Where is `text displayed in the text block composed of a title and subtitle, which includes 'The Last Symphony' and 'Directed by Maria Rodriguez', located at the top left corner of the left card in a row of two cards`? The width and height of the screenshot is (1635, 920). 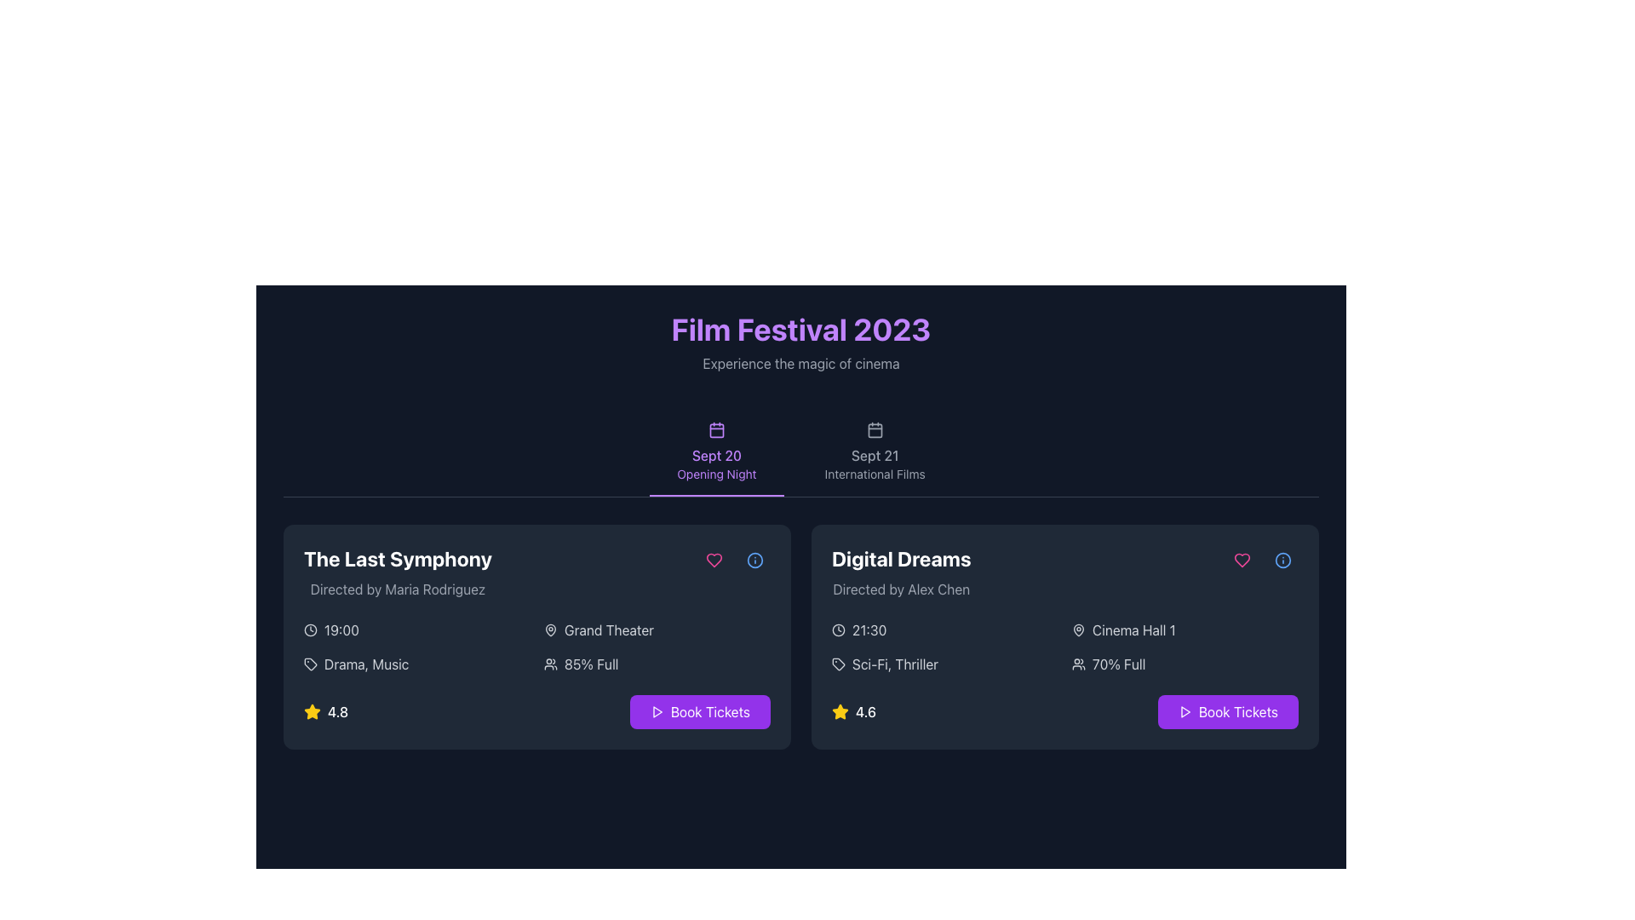
text displayed in the text block composed of a title and subtitle, which includes 'The Last Symphony' and 'Directed by Maria Rodriguez', located at the top left corner of the left card in a row of two cards is located at coordinates (397, 572).